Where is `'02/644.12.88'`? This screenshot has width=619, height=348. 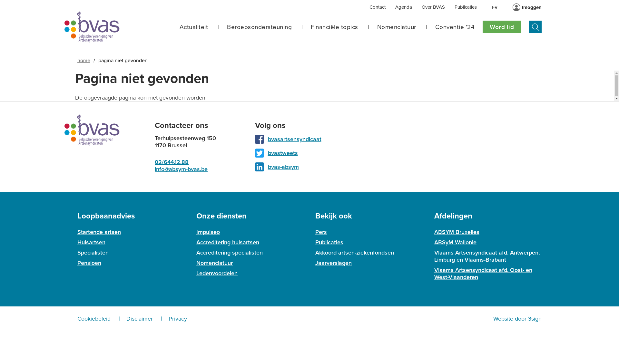
'02/644.12.88' is located at coordinates (172, 161).